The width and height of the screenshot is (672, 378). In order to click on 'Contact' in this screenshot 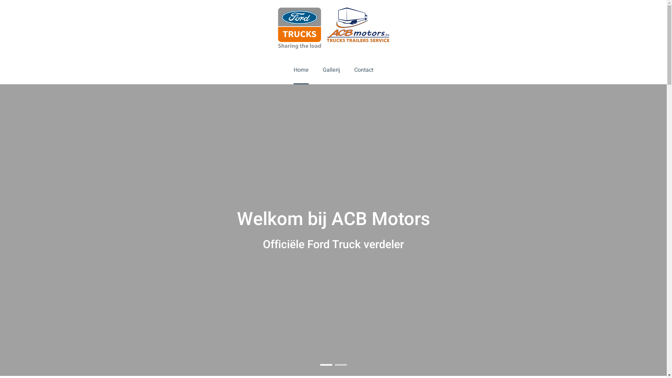, I will do `click(364, 70)`.